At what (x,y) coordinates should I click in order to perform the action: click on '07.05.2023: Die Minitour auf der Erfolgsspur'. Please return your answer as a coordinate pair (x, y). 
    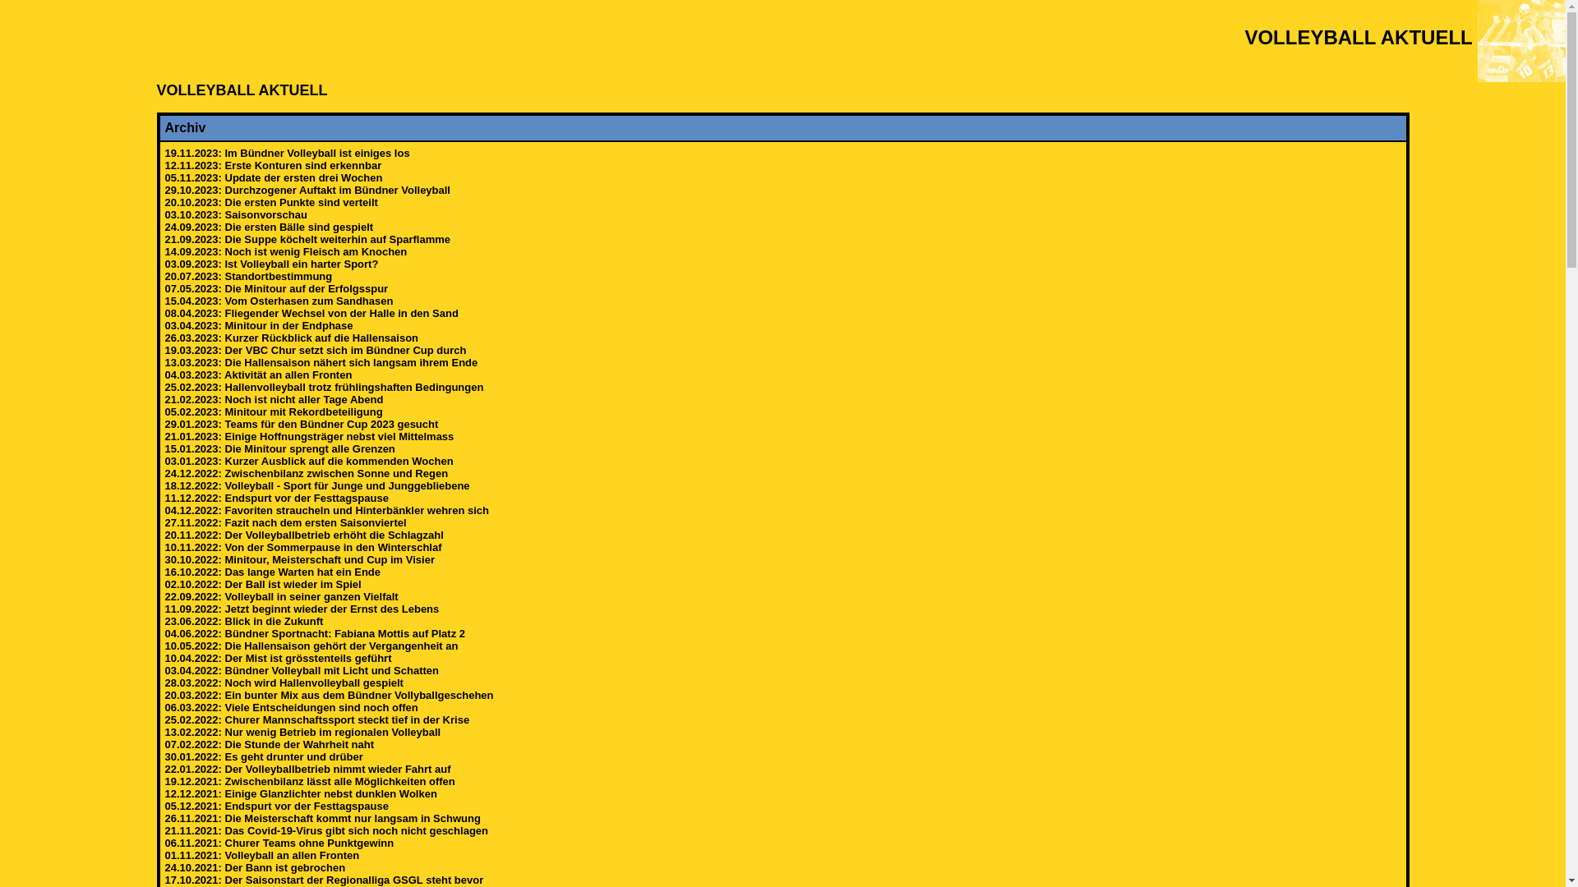
    Looking at the image, I should click on (276, 287).